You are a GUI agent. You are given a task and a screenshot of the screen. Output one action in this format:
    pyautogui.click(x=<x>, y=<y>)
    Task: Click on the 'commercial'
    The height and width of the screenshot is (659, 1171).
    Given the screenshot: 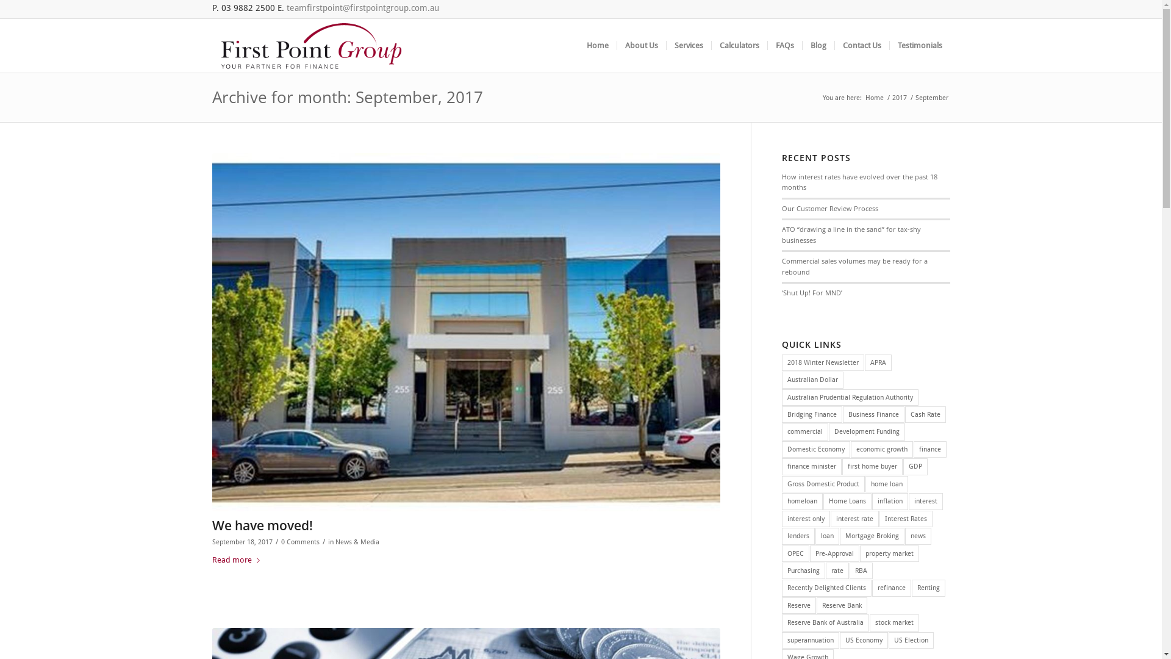 What is the action you would take?
    pyautogui.click(x=805, y=431)
    